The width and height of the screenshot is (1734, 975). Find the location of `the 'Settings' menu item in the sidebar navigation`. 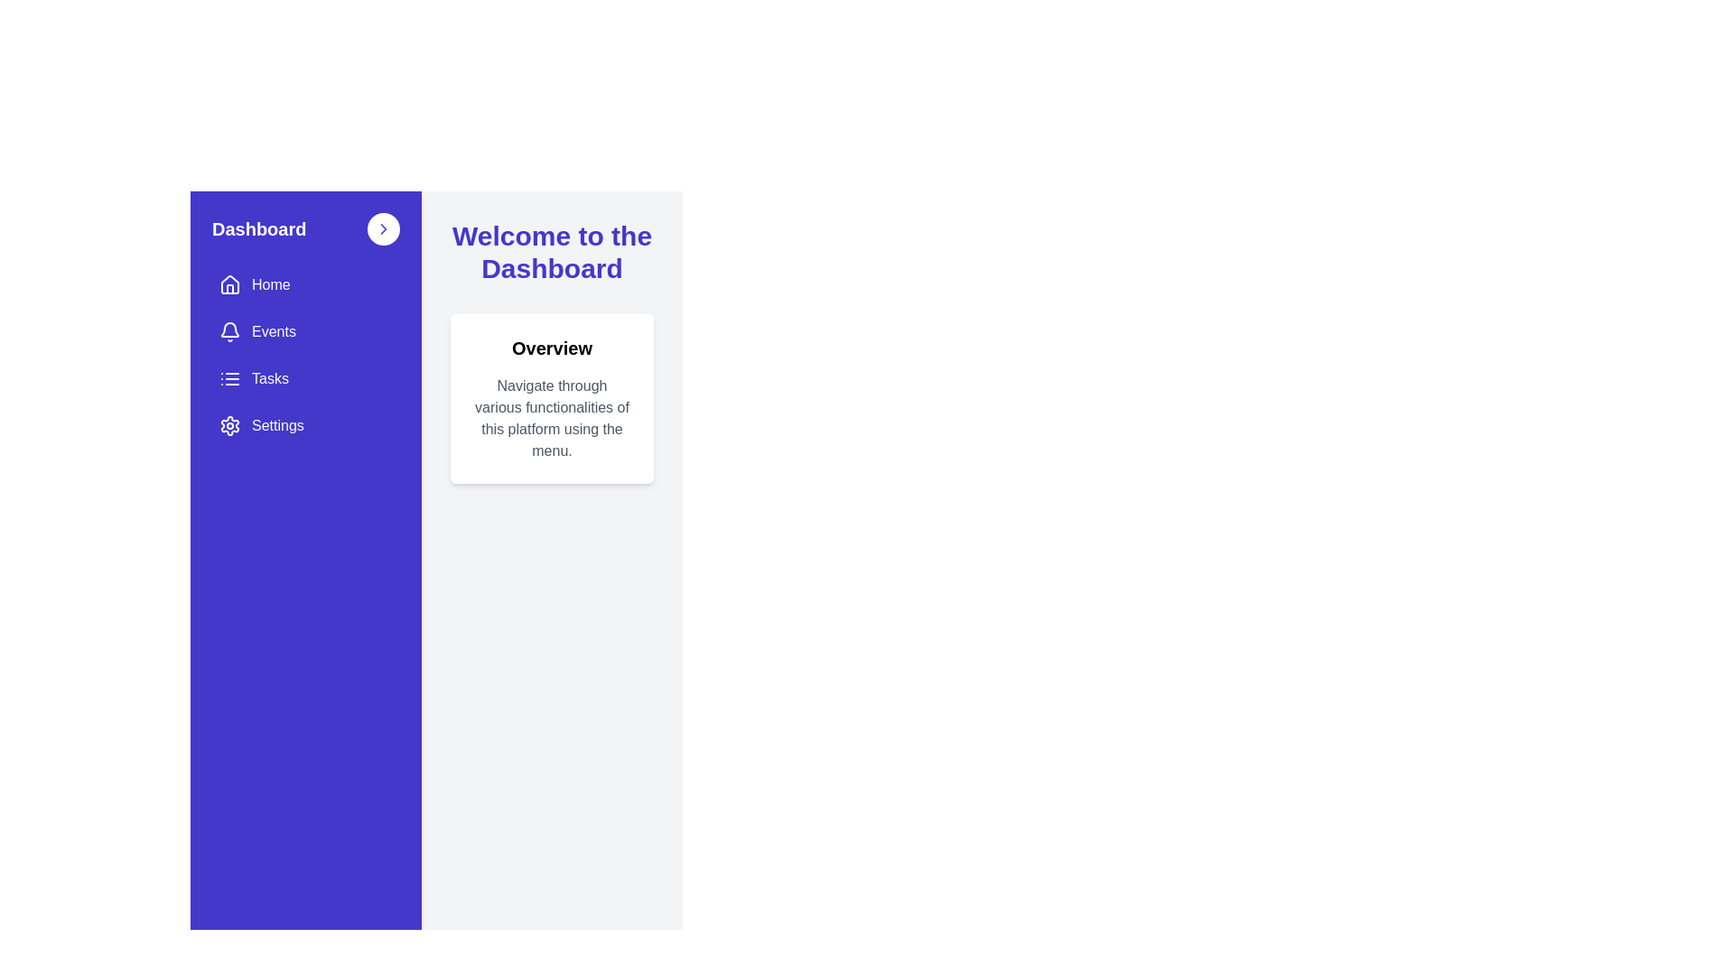

the 'Settings' menu item in the sidebar navigation is located at coordinates (306, 425).